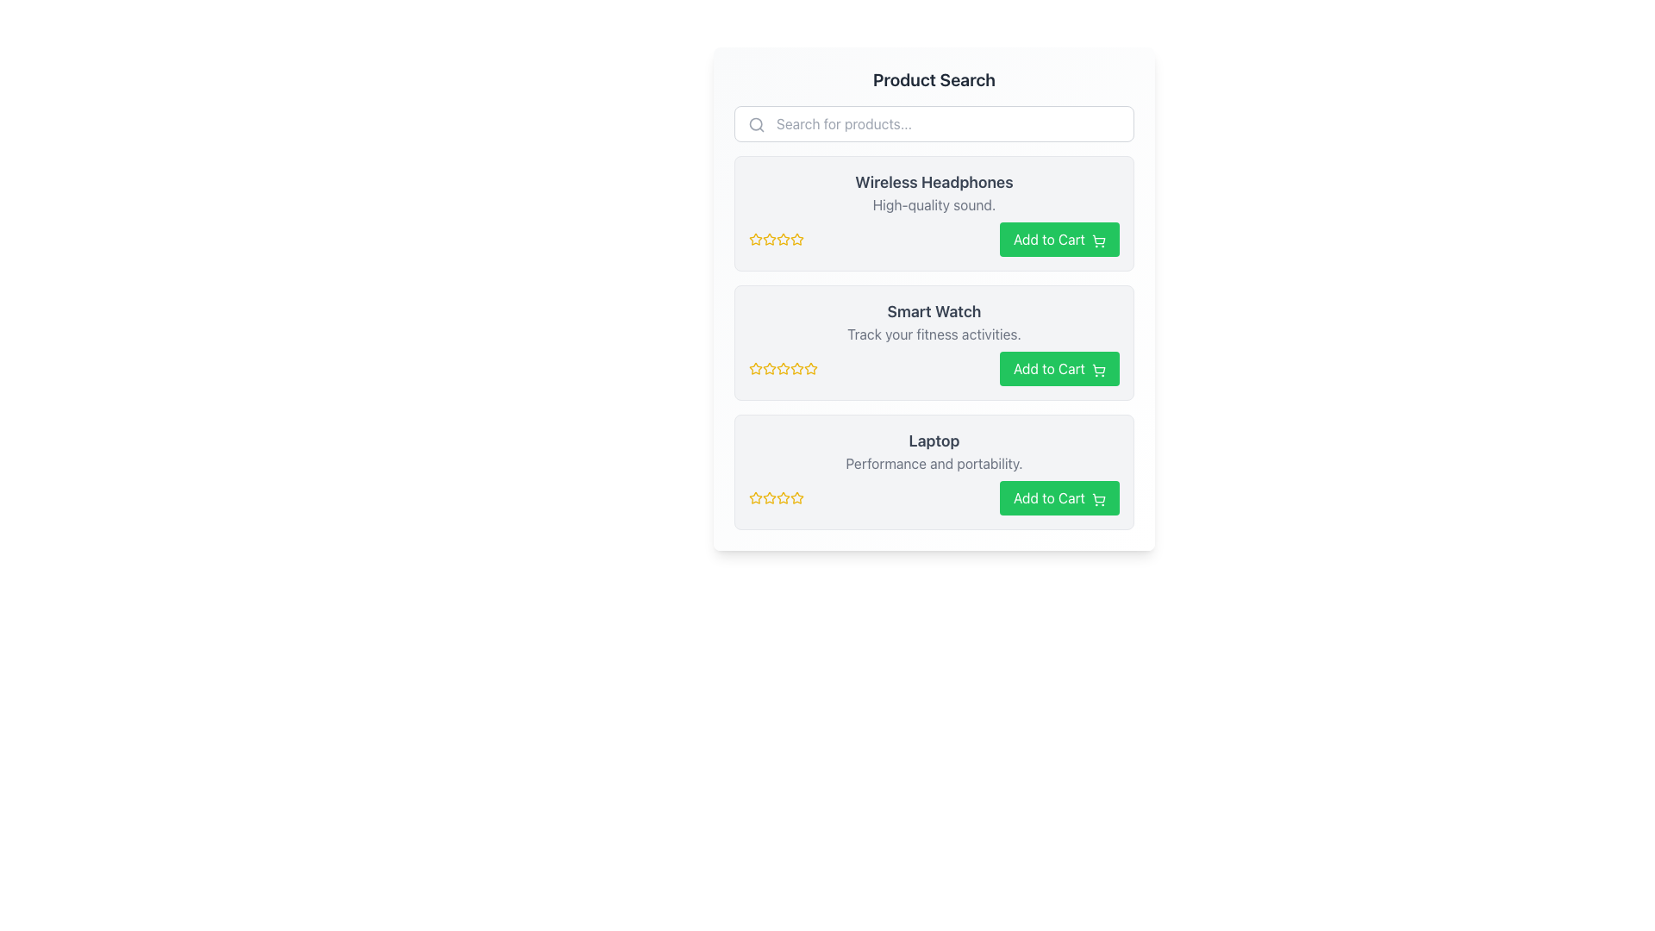 This screenshot has height=931, width=1655. Describe the element at coordinates (776, 498) in the screenshot. I see `the group of five yellow outlined star icons used for rating the 'Laptop' product` at that location.